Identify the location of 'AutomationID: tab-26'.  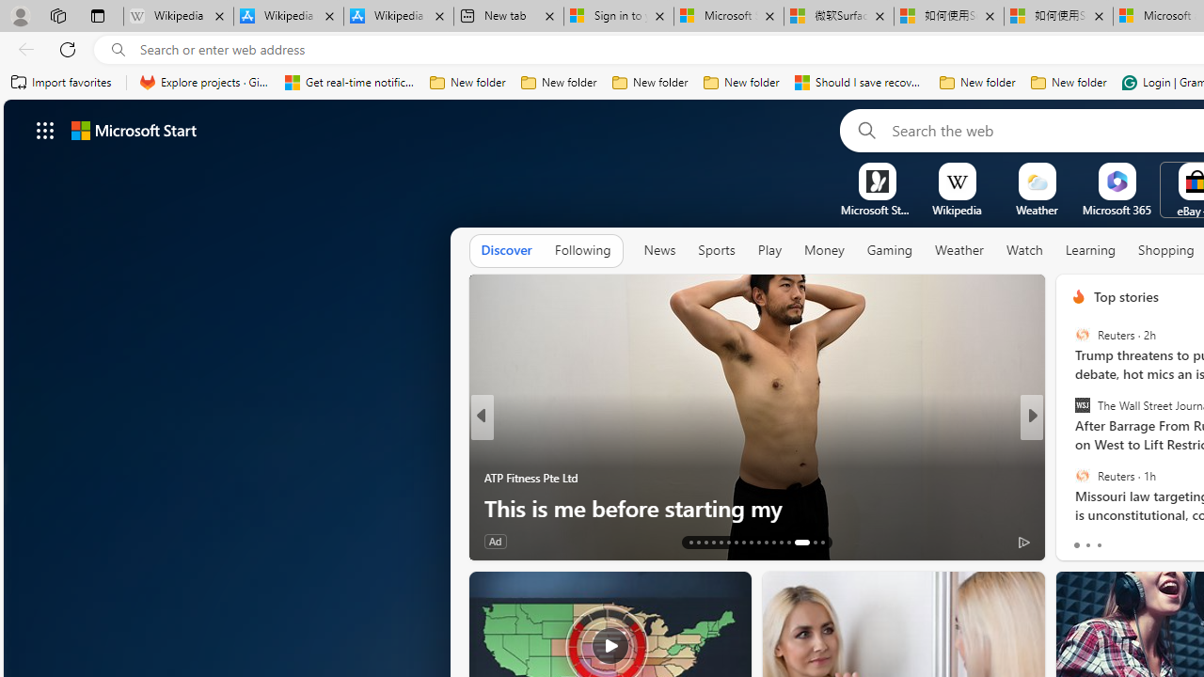
(789, 543).